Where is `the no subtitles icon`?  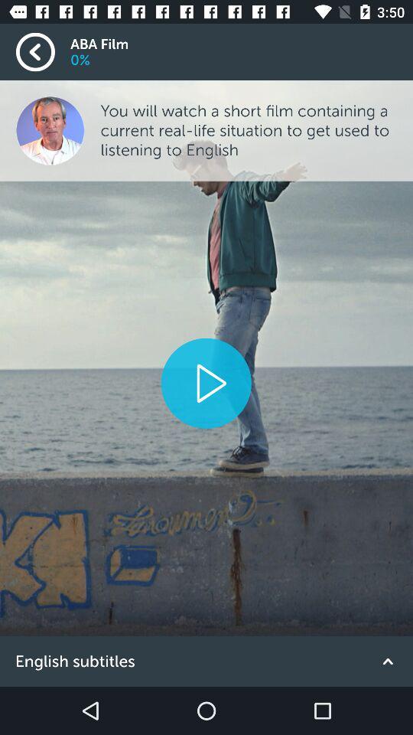 the no subtitles icon is located at coordinates (206, 661).